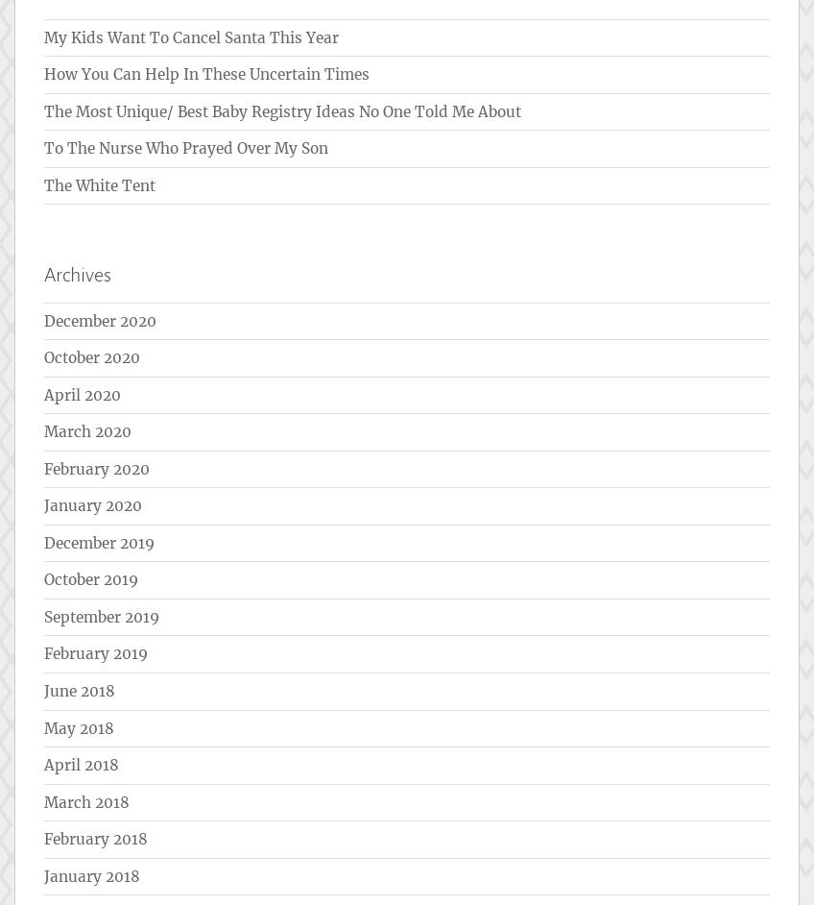 This screenshot has width=814, height=905. I want to click on 'February 2020', so click(96, 468).